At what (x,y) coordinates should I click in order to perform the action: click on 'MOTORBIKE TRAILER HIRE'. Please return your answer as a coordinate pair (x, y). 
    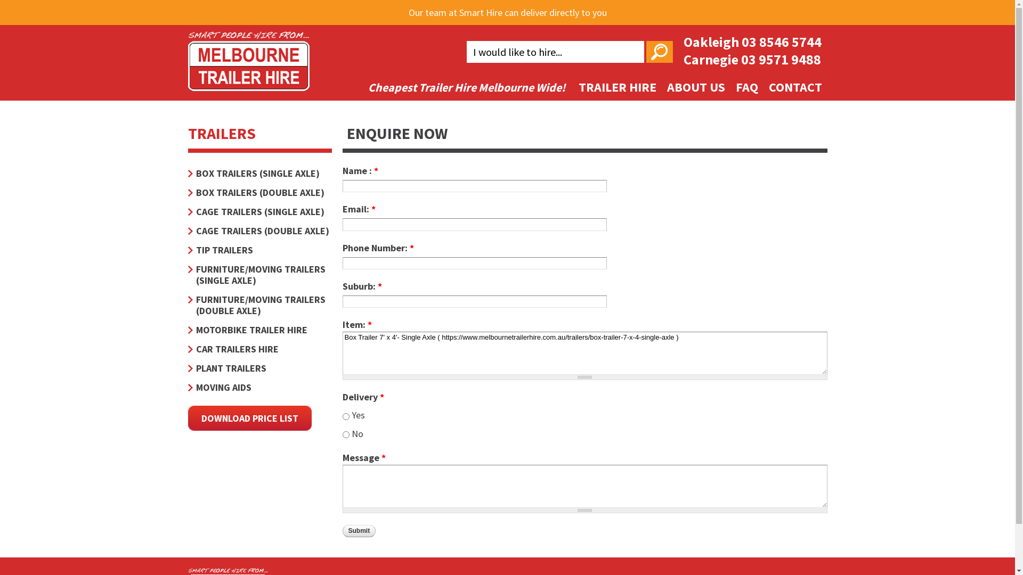
    Looking at the image, I should click on (259, 329).